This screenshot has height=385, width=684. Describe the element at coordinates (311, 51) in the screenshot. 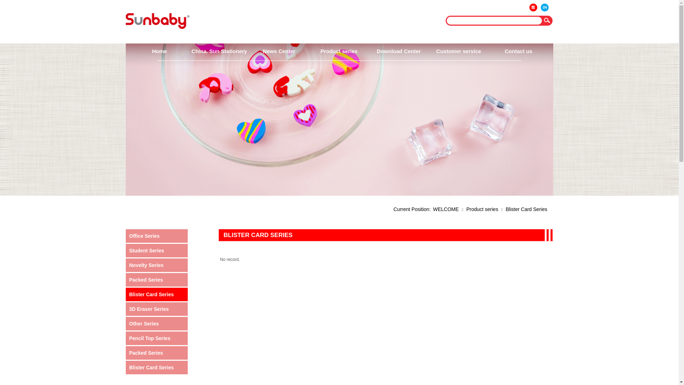

I see `'Product series'` at that location.